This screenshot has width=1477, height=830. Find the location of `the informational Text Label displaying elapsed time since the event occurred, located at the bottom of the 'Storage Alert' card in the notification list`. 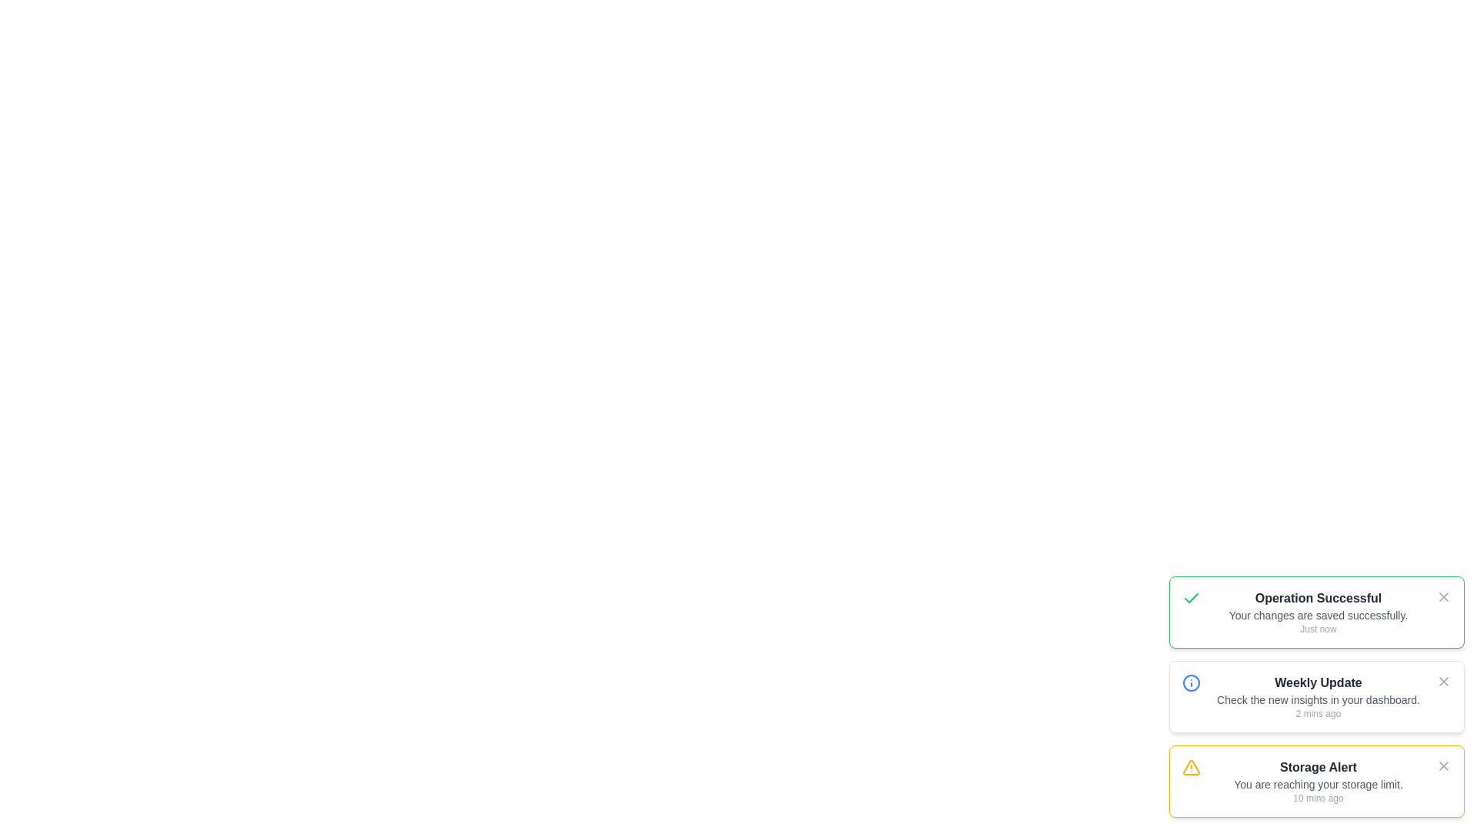

the informational Text Label displaying elapsed time since the event occurred, located at the bottom of the 'Storage Alert' card in the notification list is located at coordinates (1317, 797).